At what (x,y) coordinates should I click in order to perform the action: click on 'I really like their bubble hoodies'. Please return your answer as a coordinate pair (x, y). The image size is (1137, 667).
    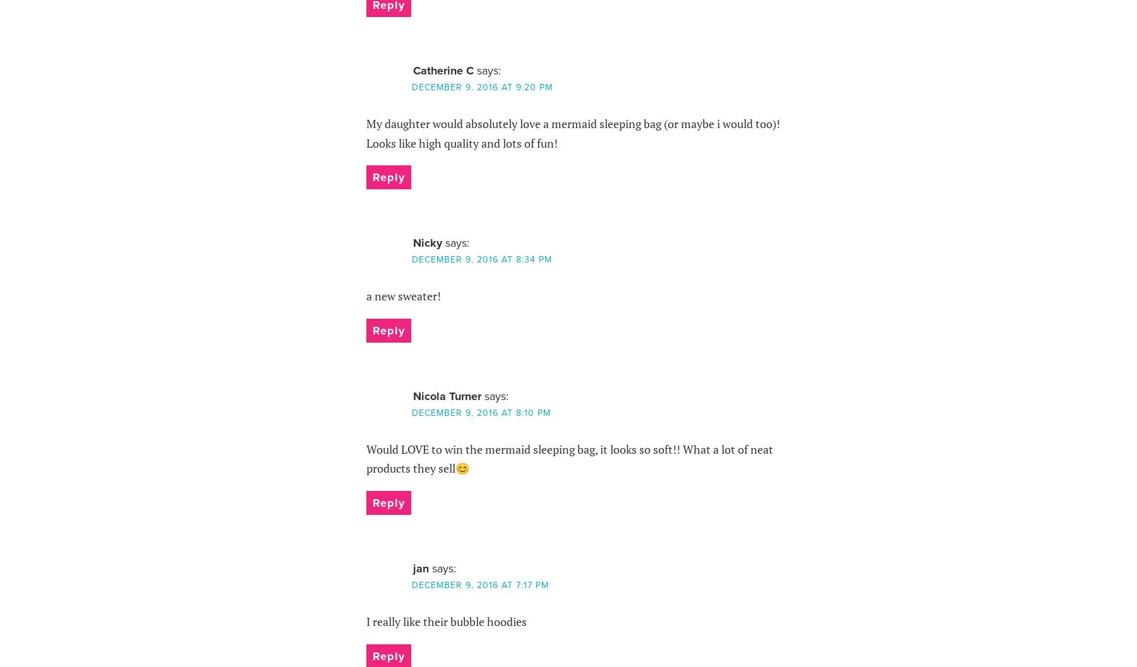
    Looking at the image, I should click on (445, 621).